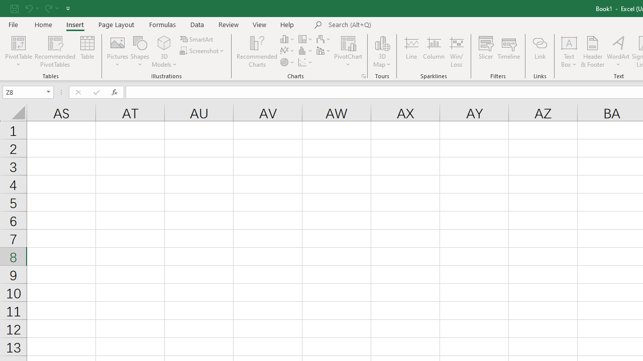  I want to click on 'Timeline', so click(509, 52).